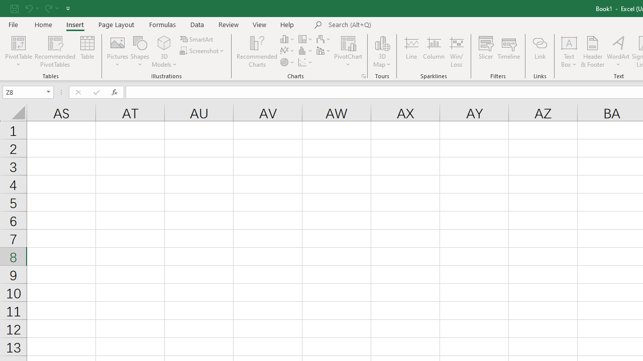  I want to click on 'Timeline', so click(509, 52).